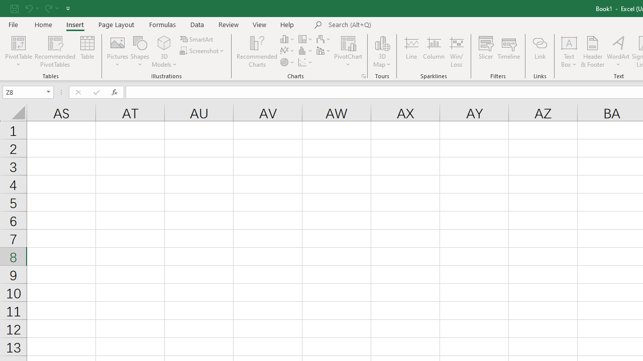  I want to click on 'Timeline', so click(509, 52).